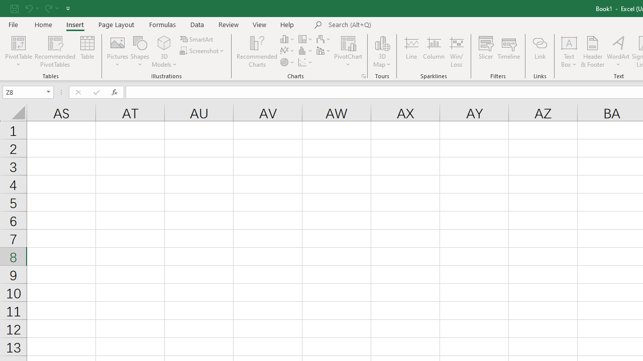  I want to click on 'Timeline', so click(509, 52).